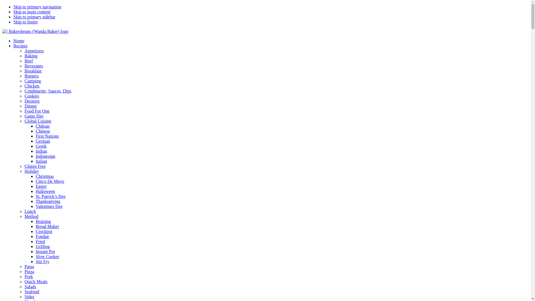 Image resolution: width=535 pixels, height=301 pixels. Describe the element at coordinates (31, 96) in the screenshot. I see `'Cookies'` at that location.